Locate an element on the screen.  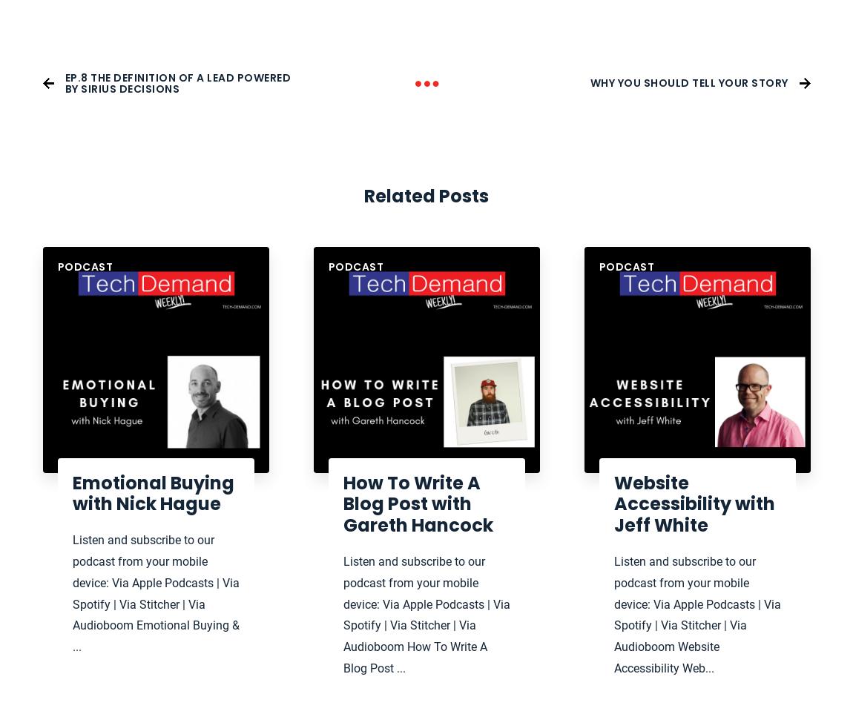
'Website Accessibility with Jeff White' is located at coordinates (612, 503).